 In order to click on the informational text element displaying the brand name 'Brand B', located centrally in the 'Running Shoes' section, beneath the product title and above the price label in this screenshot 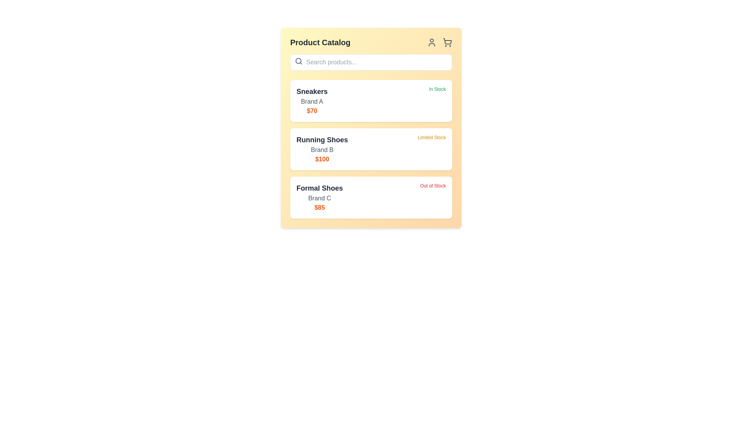, I will do `click(322, 150)`.